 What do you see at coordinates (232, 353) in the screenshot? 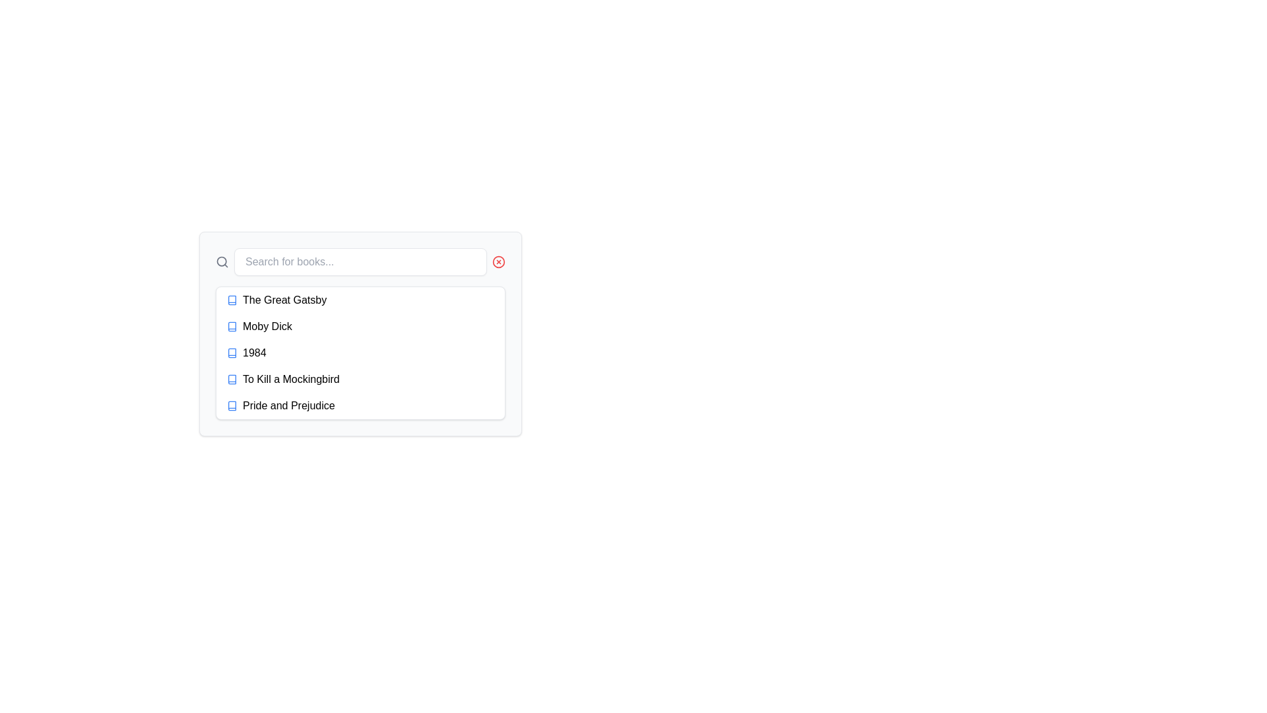
I see `the illustrative book icon located to the left of the text label '1984' in the list of book titles` at bounding box center [232, 353].